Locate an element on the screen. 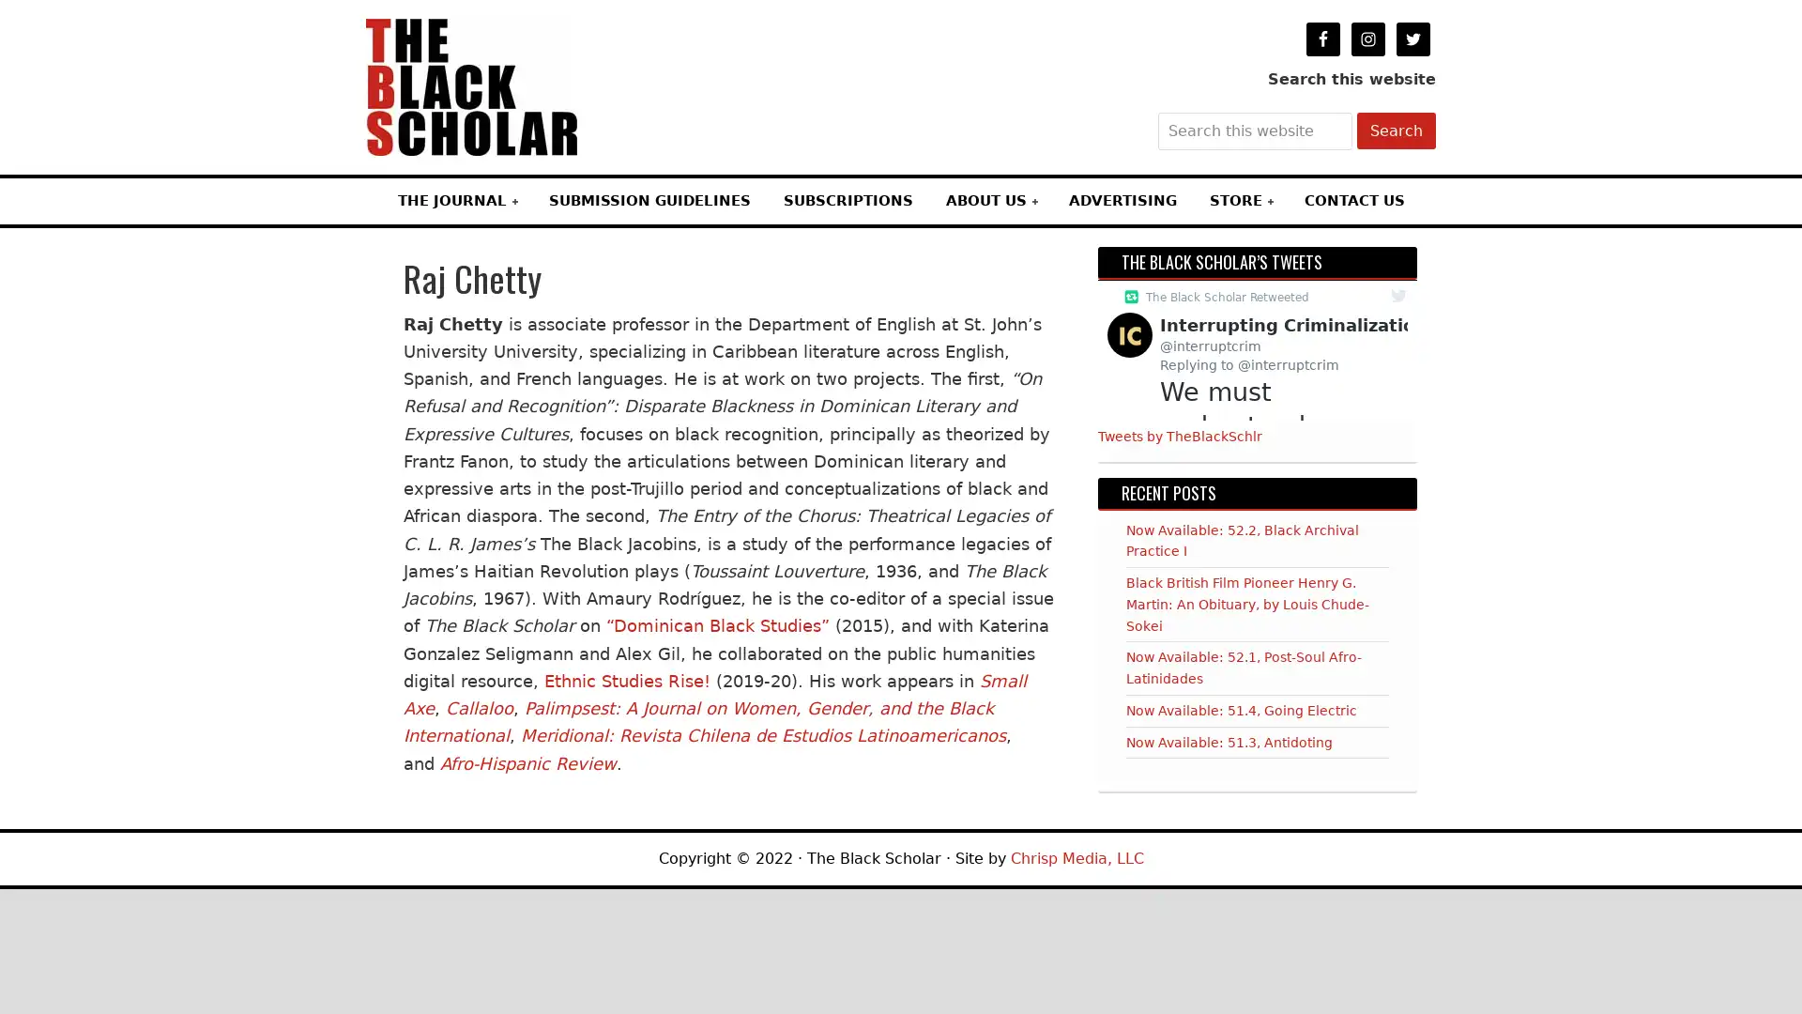 The width and height of the screenshot is (1802, 1014). Search is located at coordinates (1397, 130).